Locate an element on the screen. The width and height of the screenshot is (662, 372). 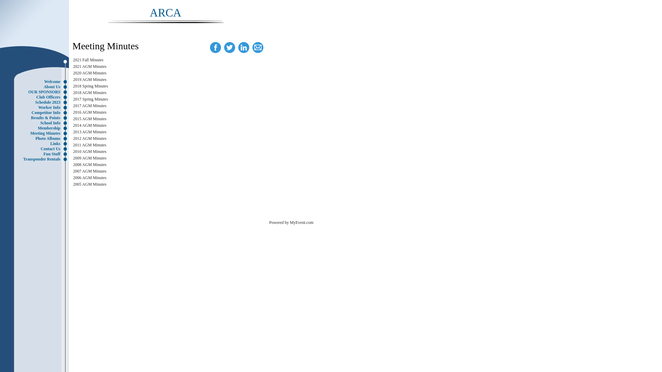
'Contact Us' is located at coordinates (36, 148).